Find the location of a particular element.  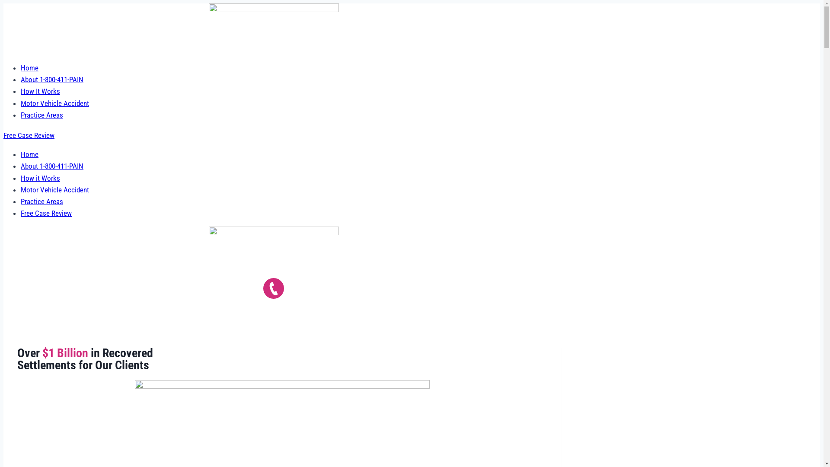

'Practice Areas' is located at coordinates (41, 202).